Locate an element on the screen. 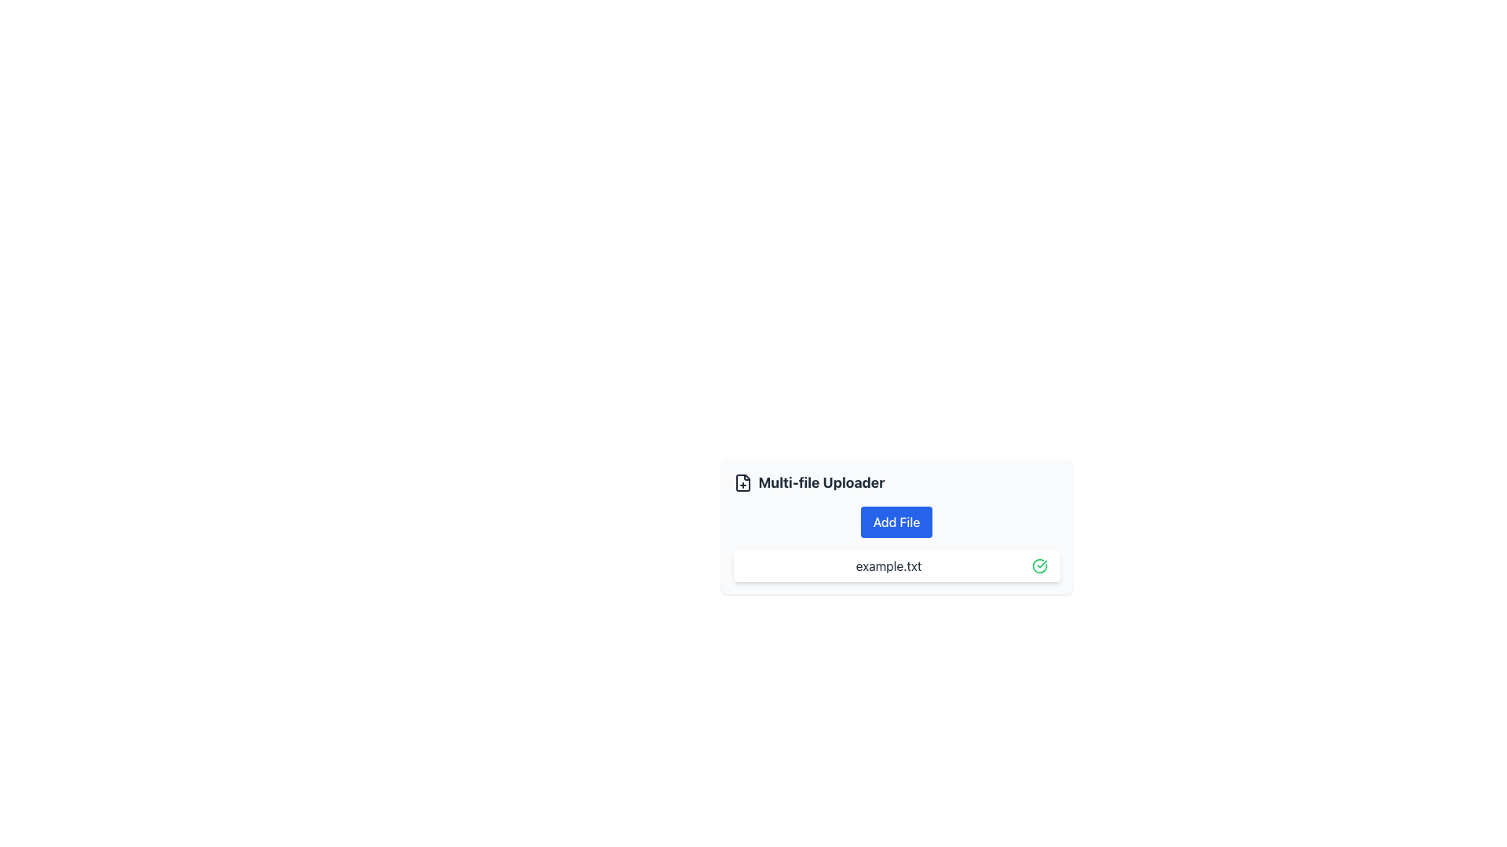  the file icon, which is a rectangular shape with a bent corner at the top left, representing a document in the multi-file uploader interface is located at coordinates (742, 482).